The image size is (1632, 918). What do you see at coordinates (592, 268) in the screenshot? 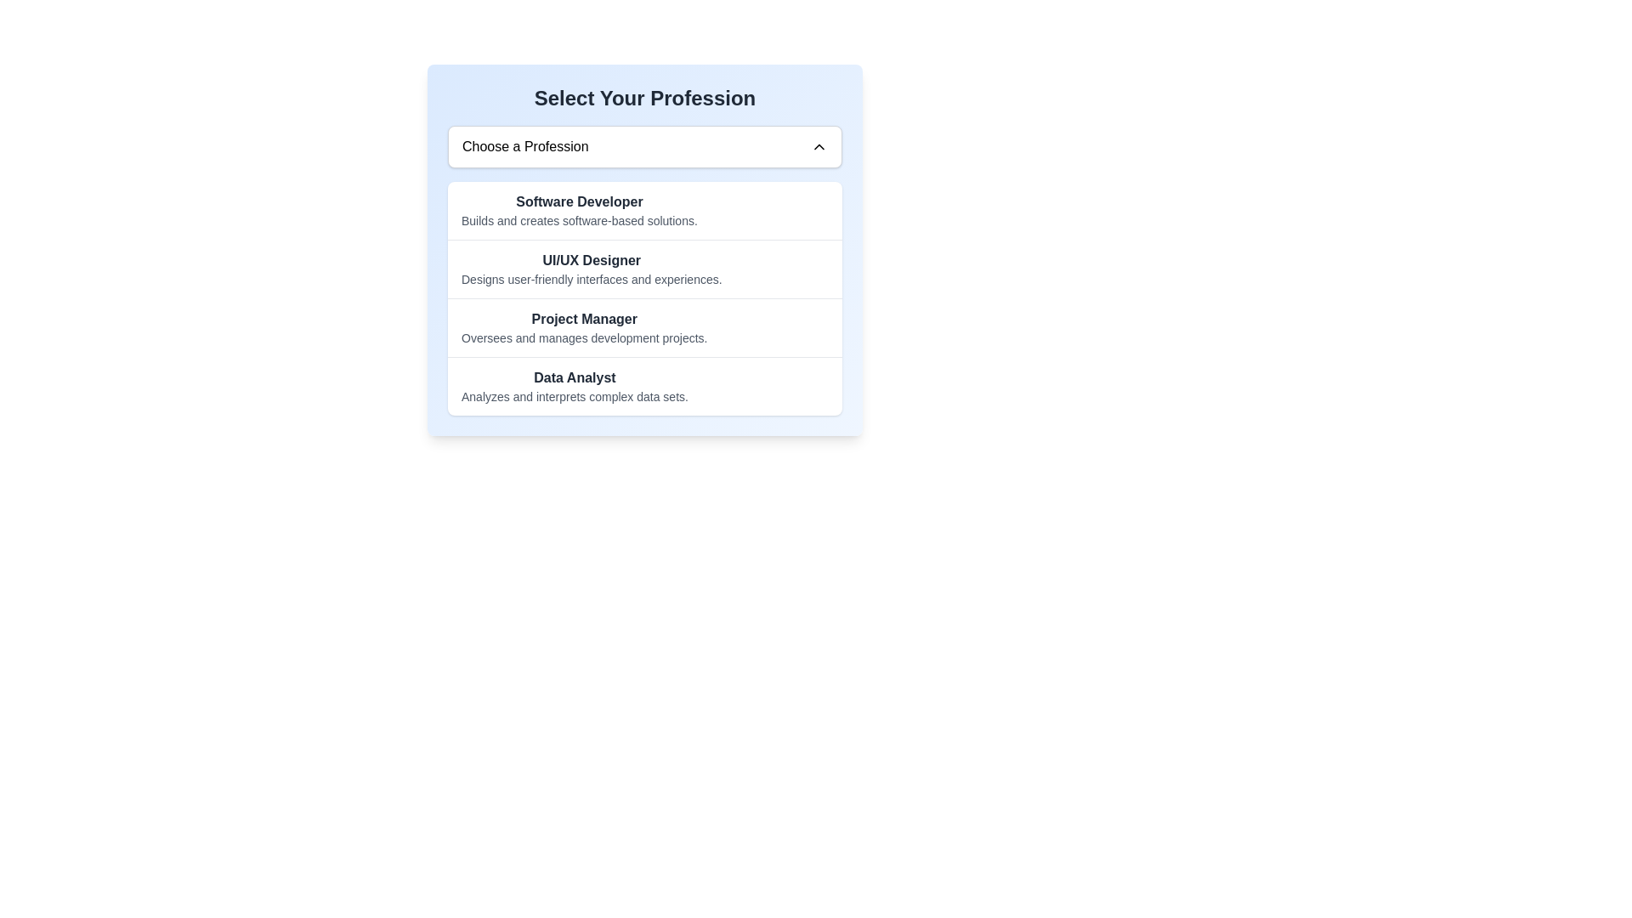
I see `the second list item representing the 'UI/UX Designer' role` at bounding box center [592, 268].